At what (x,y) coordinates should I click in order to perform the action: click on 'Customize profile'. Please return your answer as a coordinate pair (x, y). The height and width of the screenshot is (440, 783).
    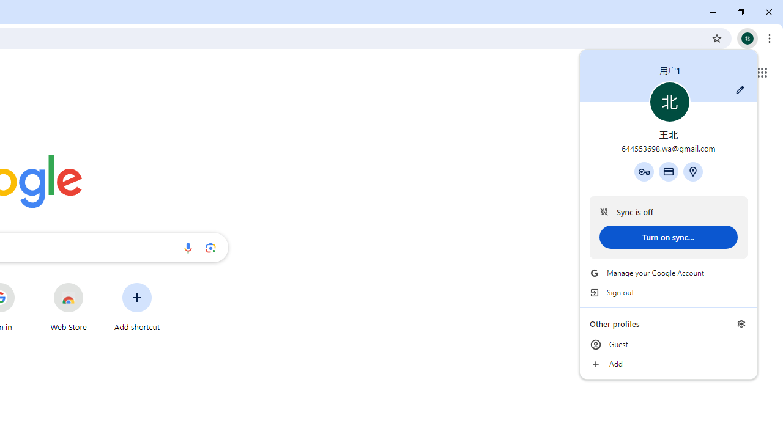
    Looking at the image, I should click on (740, 89).